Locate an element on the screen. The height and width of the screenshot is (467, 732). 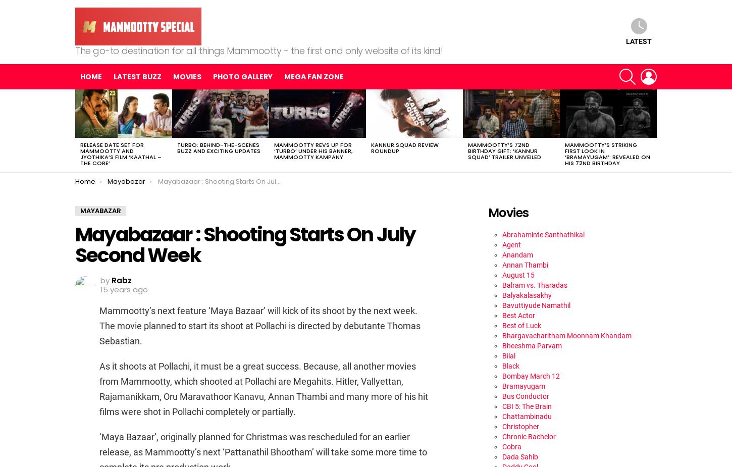
'Bombay March 12' is located at coordinates (531, 375).